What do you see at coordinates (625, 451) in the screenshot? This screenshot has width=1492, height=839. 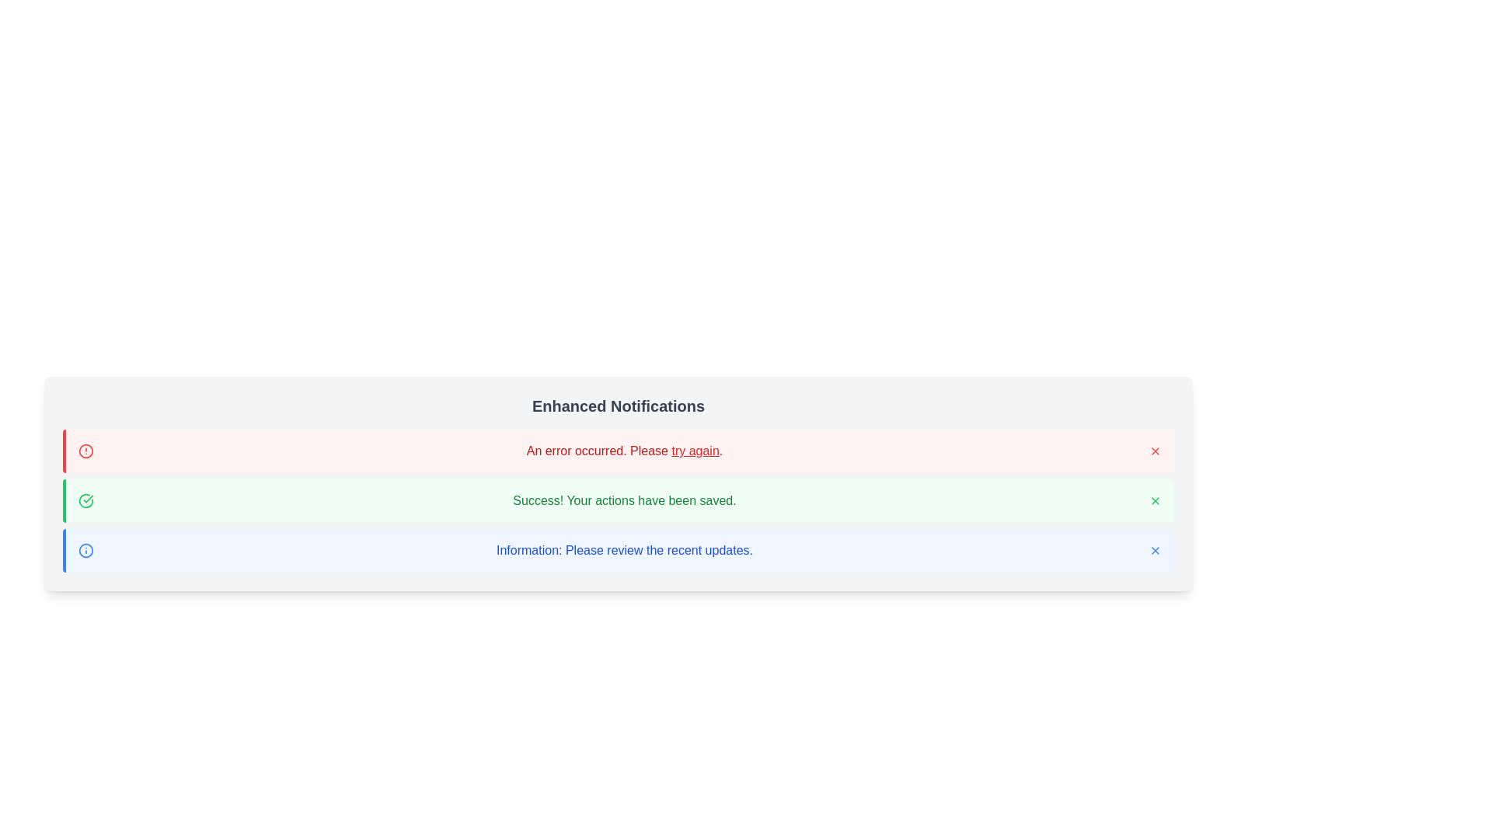 I see `error message displayed in the notification located at the top of the notifications set, just below the header text` at bounding box center [625, 451].